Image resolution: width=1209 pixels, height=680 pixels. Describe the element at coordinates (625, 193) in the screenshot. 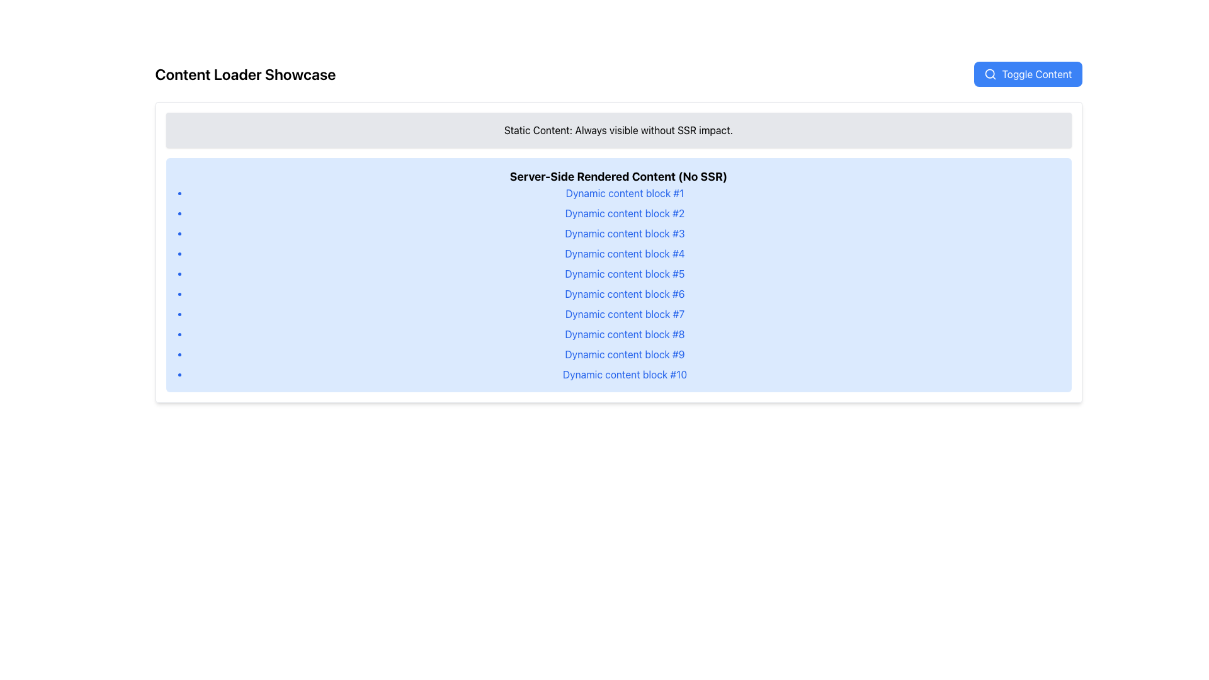

I see `displayed content of the text block styled in blue font and containing 'Dynamic content block #1', which is the first item in the vertically stacked list under the header 'Server-Side Rendered Content (No SSR)'` at that location.